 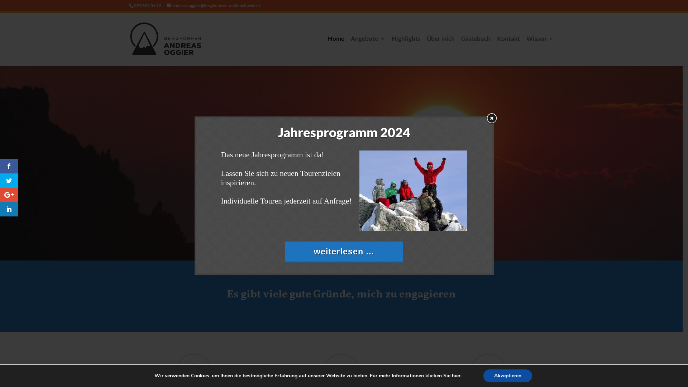 What do you see at coordinates (213, 5) in the screenshot?
I see `'andreas.oggier@bergfuehrer-wallis-schweiz.ch'` at bounding box center [213, 5].